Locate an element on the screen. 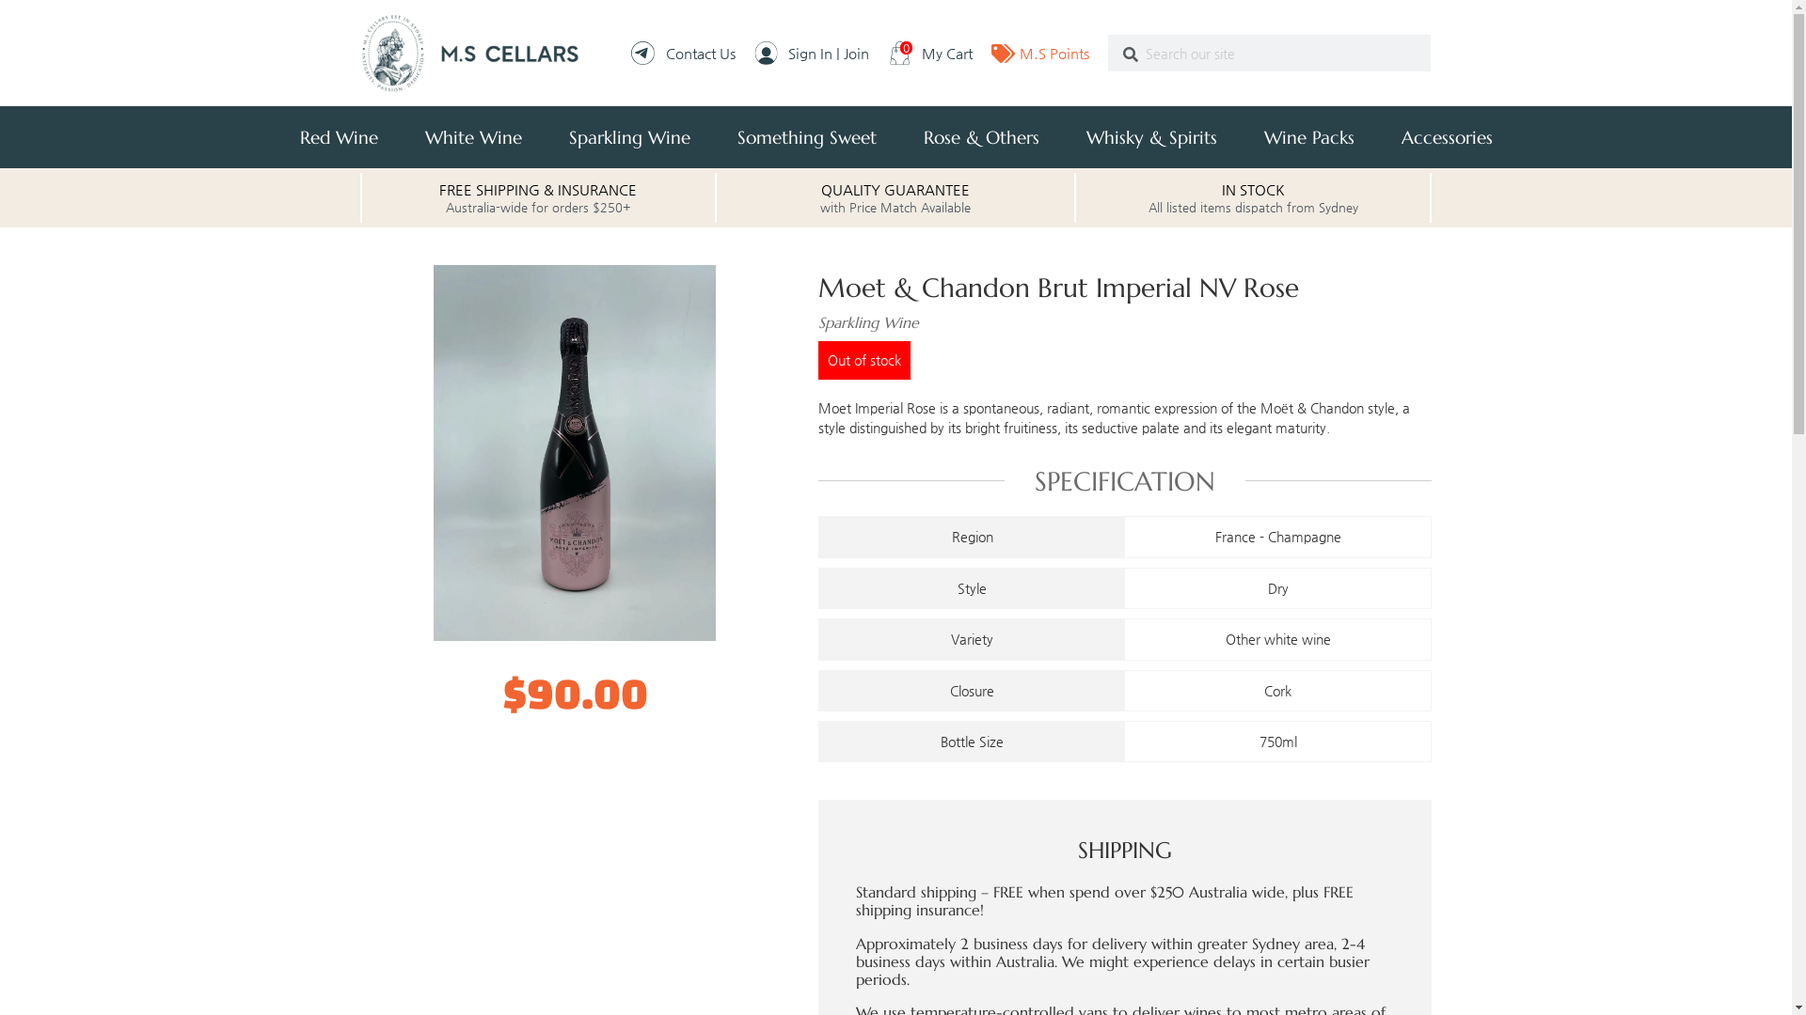  'Red Wine' is located at coordinates (339, 136).